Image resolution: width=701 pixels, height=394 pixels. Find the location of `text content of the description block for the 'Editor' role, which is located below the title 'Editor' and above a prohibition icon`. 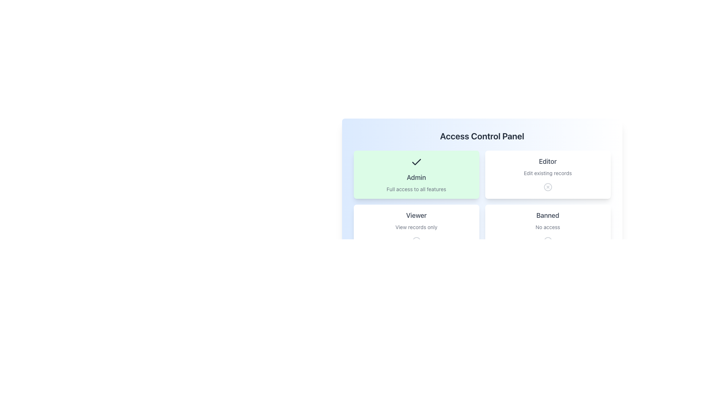

text content of the description block for the 'Editor' role, which is located below the title 'Editor' and above a prohibition icon is located at coordinates (548, 173).